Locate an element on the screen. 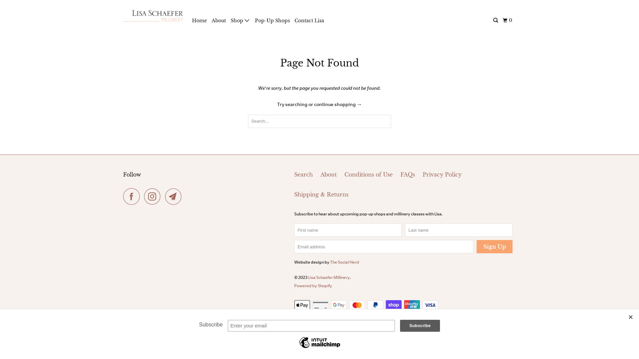  'Powered by Shopify' is located at coordinates (294, 286).